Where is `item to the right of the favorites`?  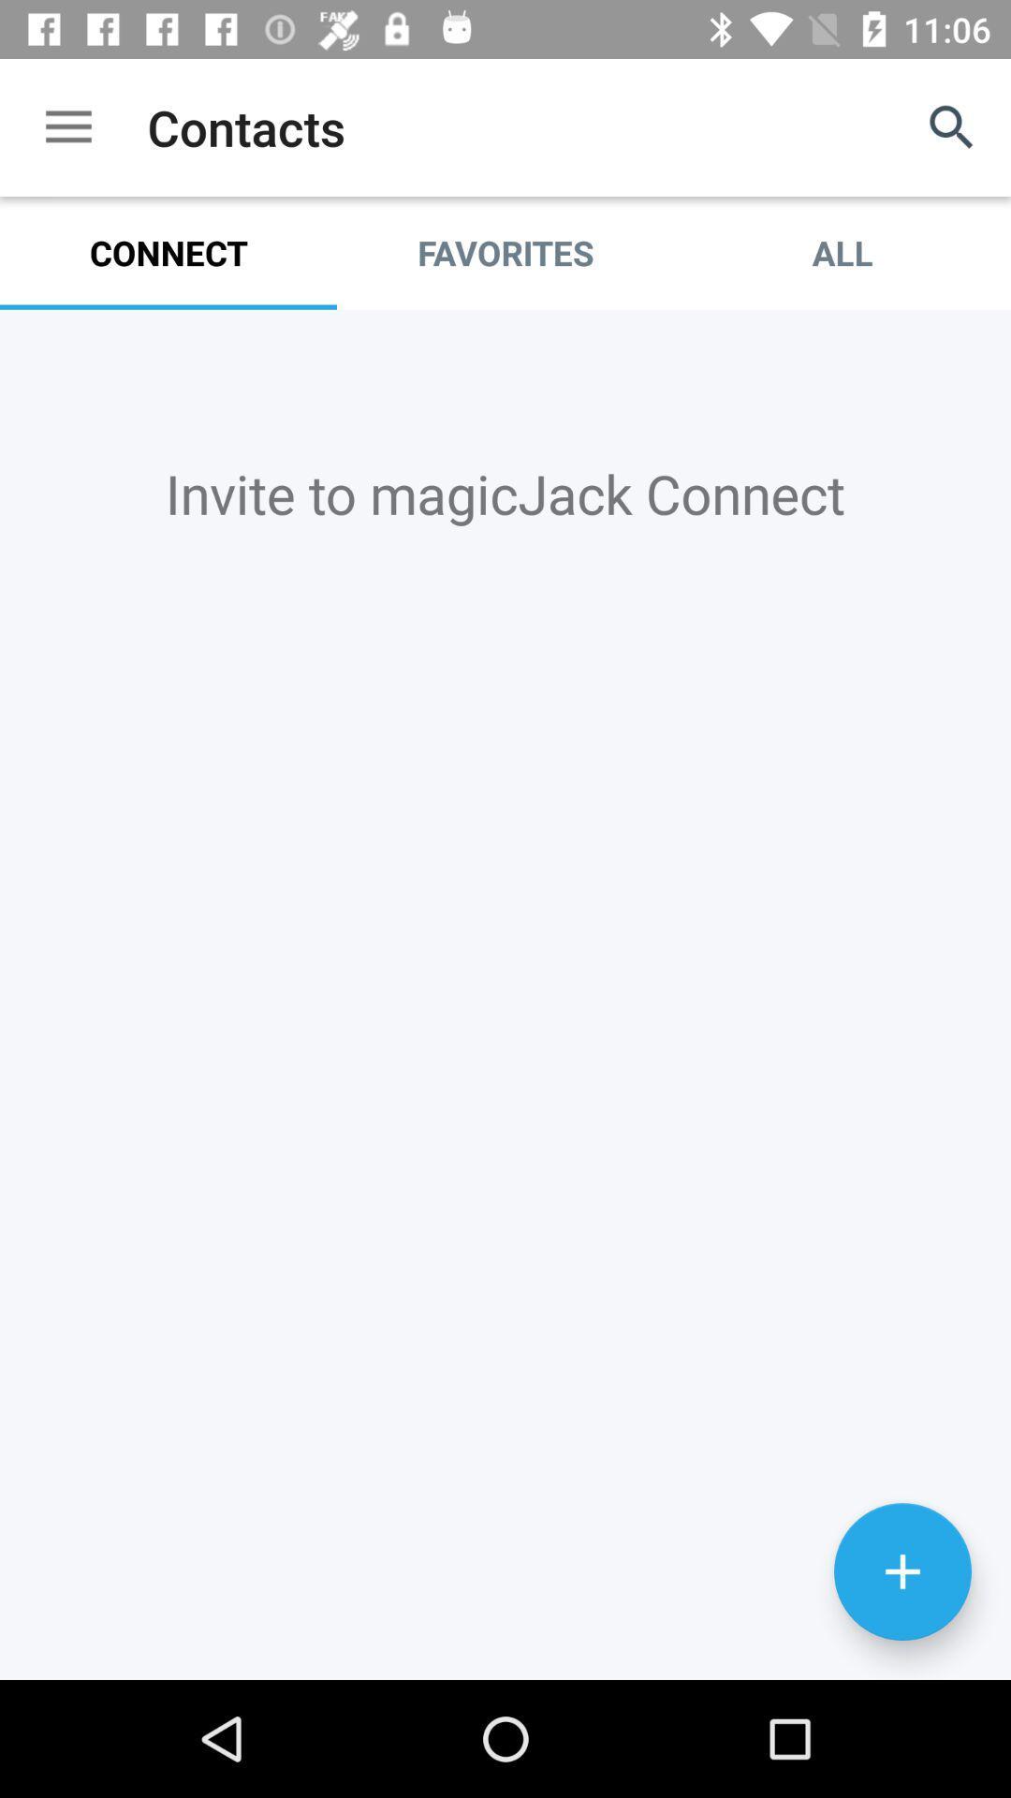
item to the right of the favorites is located at coordinates (841, 252).